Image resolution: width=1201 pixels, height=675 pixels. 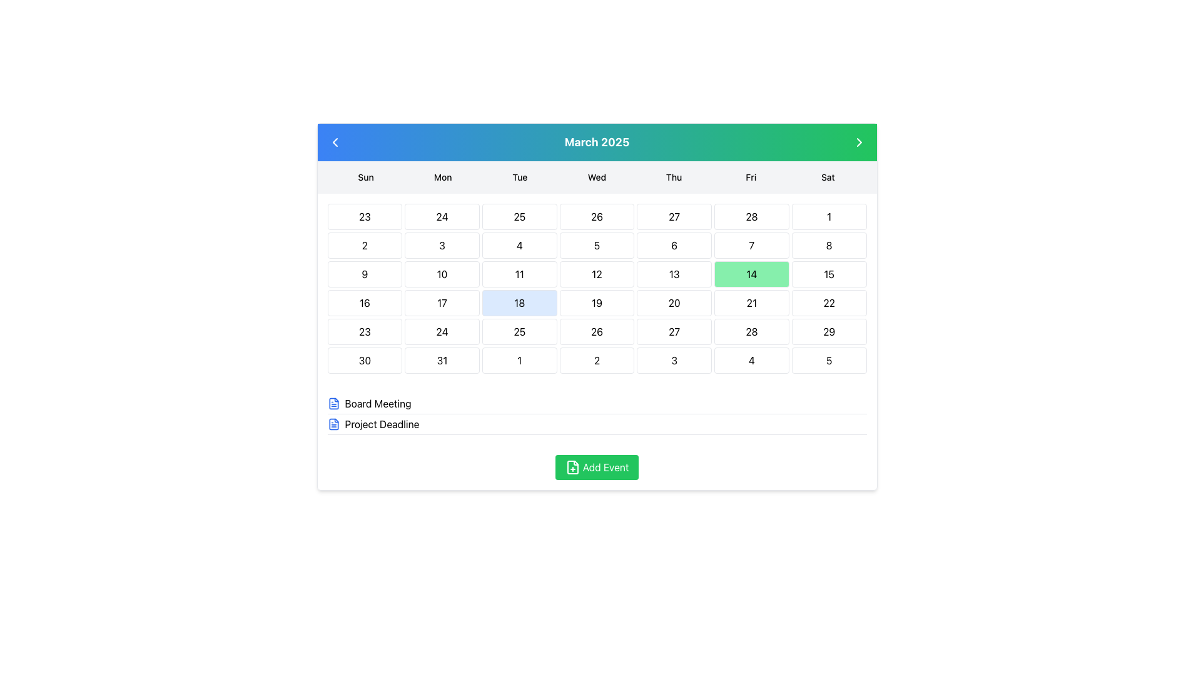 What do you see at coordinates (829, 331) in the screenshot?
I see `the calendar day cell displaying the number '29', which is located in the last row and sixth column of the March 2025 calendar` at bounding box center [829, 331].